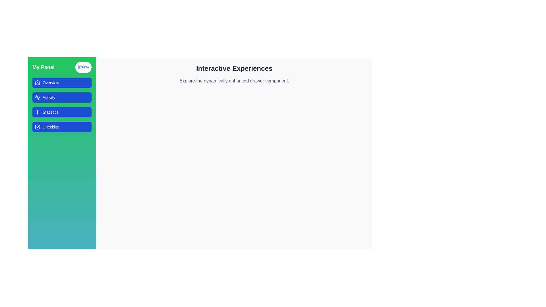 Image resolution: width=546 pixels, height=307 pixels. I want to click on the checklist icon located in the left sidebar, adjacent to the 'Checklist' button text, so click(37, 127).